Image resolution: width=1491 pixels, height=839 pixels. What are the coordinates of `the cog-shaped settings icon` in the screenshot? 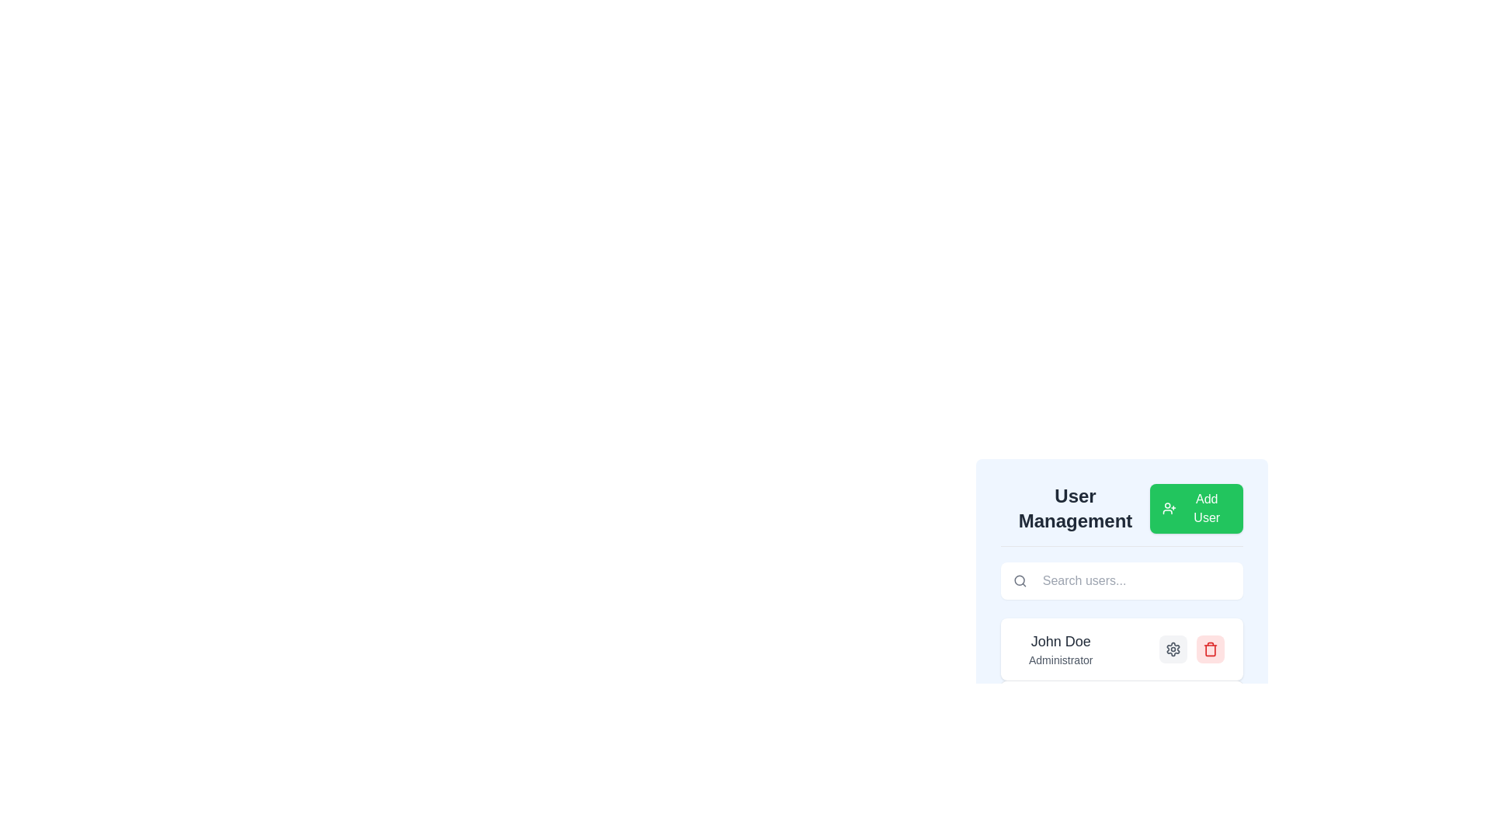 It's located at (1173, 649).